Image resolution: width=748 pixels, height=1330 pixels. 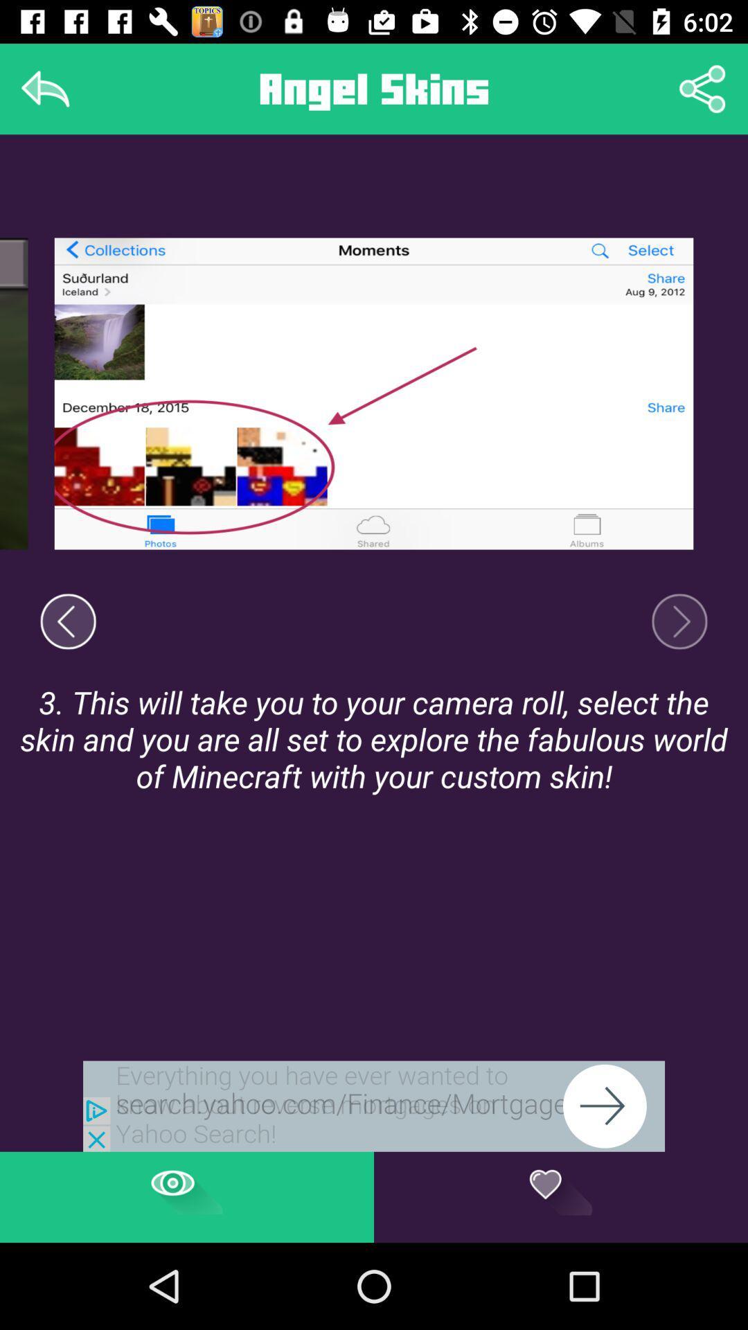 I want to click on the page, so click(x=187, y=1196).